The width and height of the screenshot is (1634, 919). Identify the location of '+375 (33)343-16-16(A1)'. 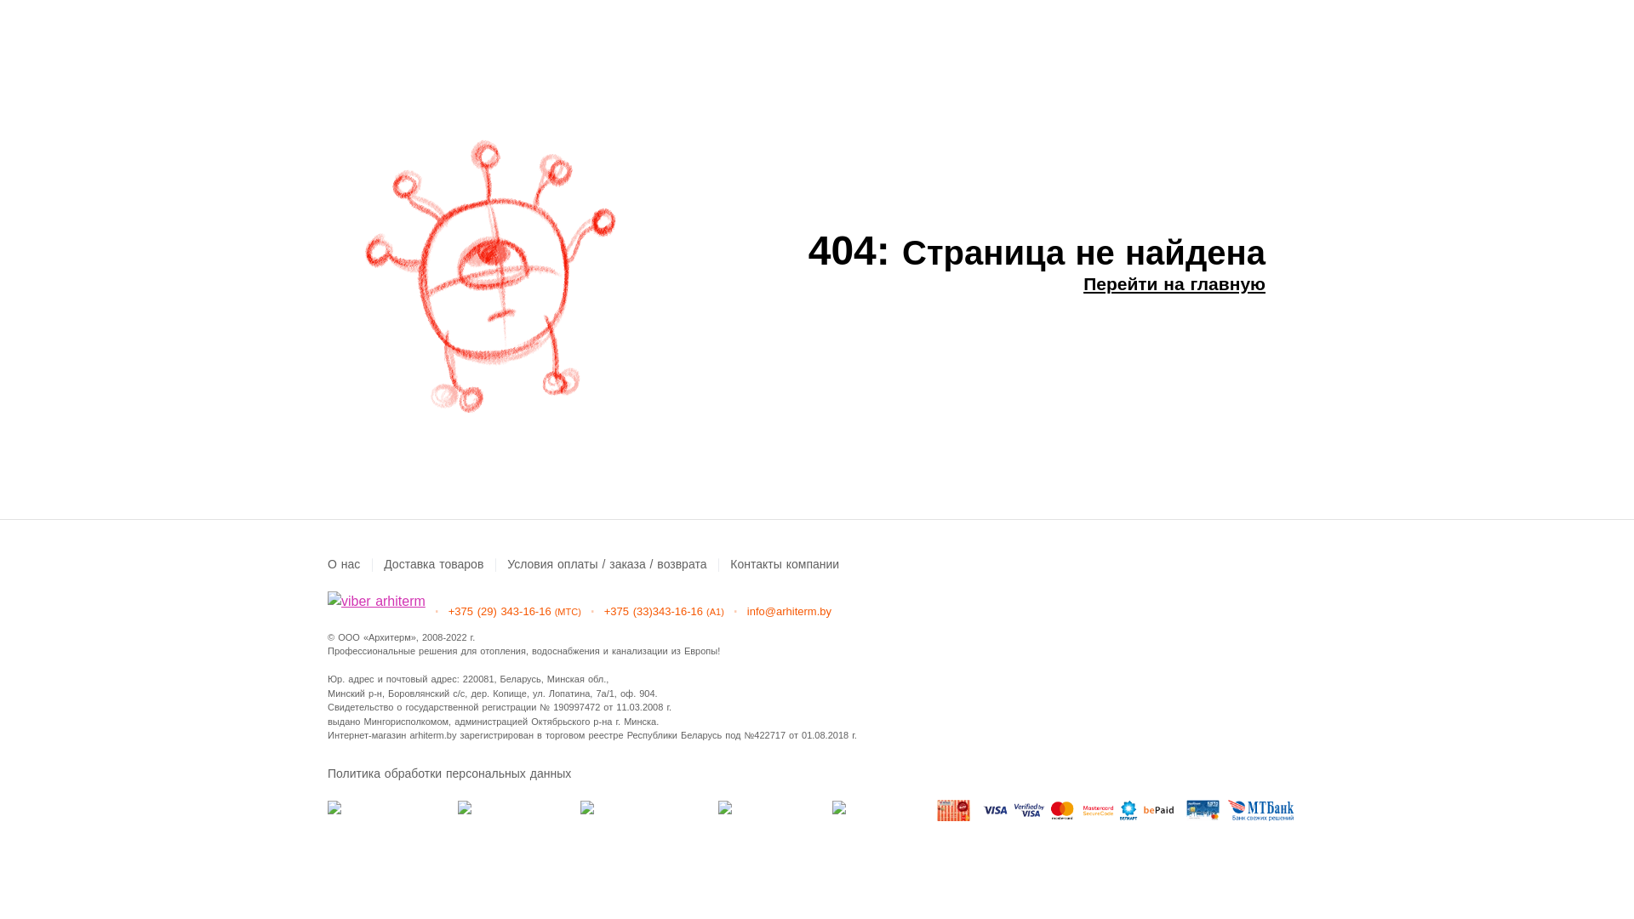
(663, 610).